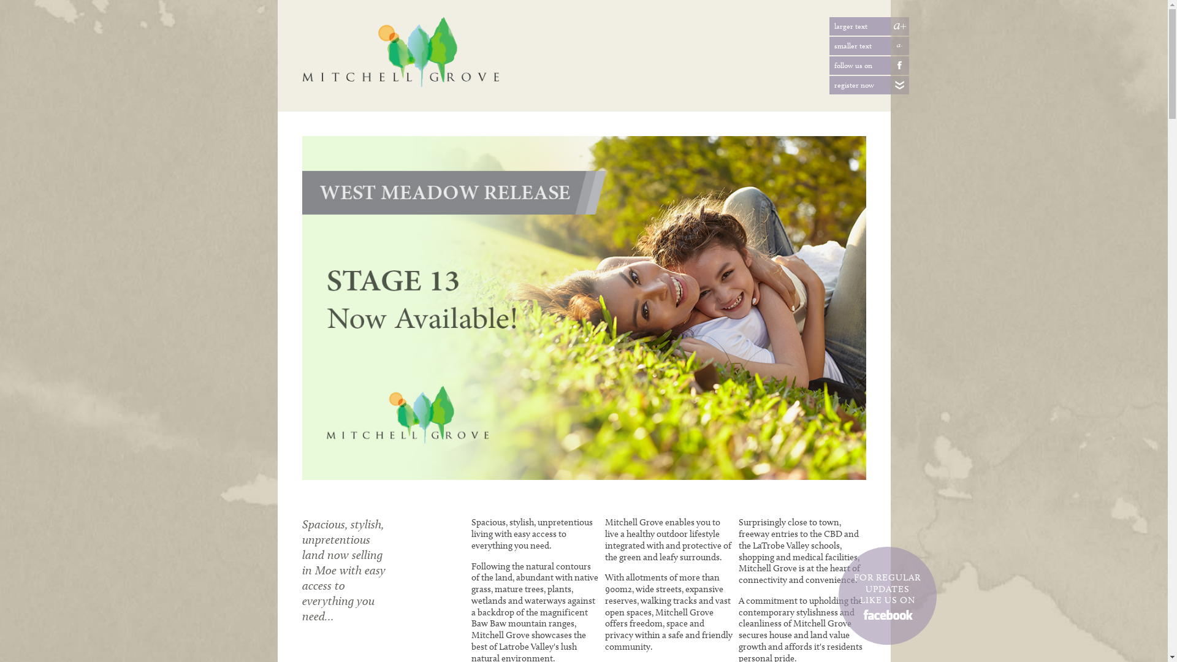 The height and width of the screenshot is (662, 1177). I want to click on 'FOR REGULAR UPDATES, so click(888, 595).